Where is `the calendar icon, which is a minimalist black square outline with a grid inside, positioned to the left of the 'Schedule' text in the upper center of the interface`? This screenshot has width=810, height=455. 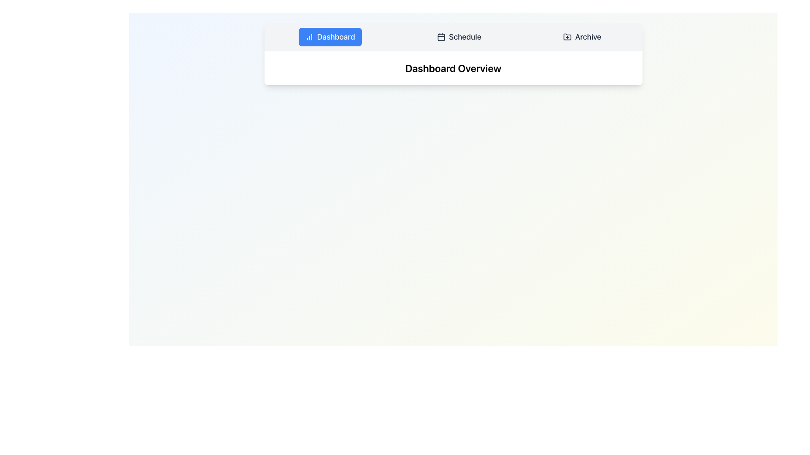
the calendar icon, which is a minimalist black square outline with a grid inside, positioned to the left of the 'Schedule' text in the upper center of the interface is located at coordinates (441, 37).